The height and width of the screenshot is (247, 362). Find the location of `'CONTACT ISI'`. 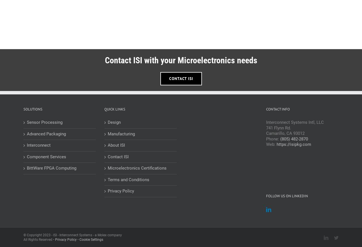

'CONTACT ISI' is located at coordinates (180, 78).